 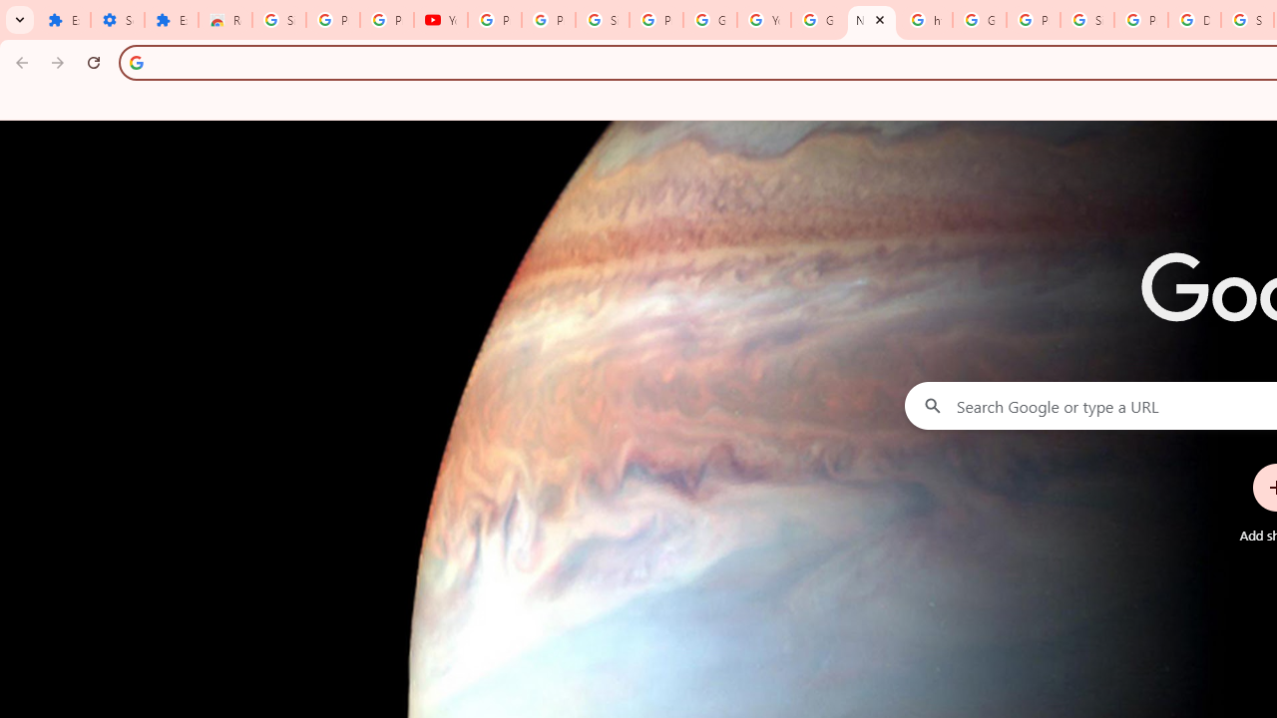 I want to click on 'Google Account', so click(x=709, y=20).